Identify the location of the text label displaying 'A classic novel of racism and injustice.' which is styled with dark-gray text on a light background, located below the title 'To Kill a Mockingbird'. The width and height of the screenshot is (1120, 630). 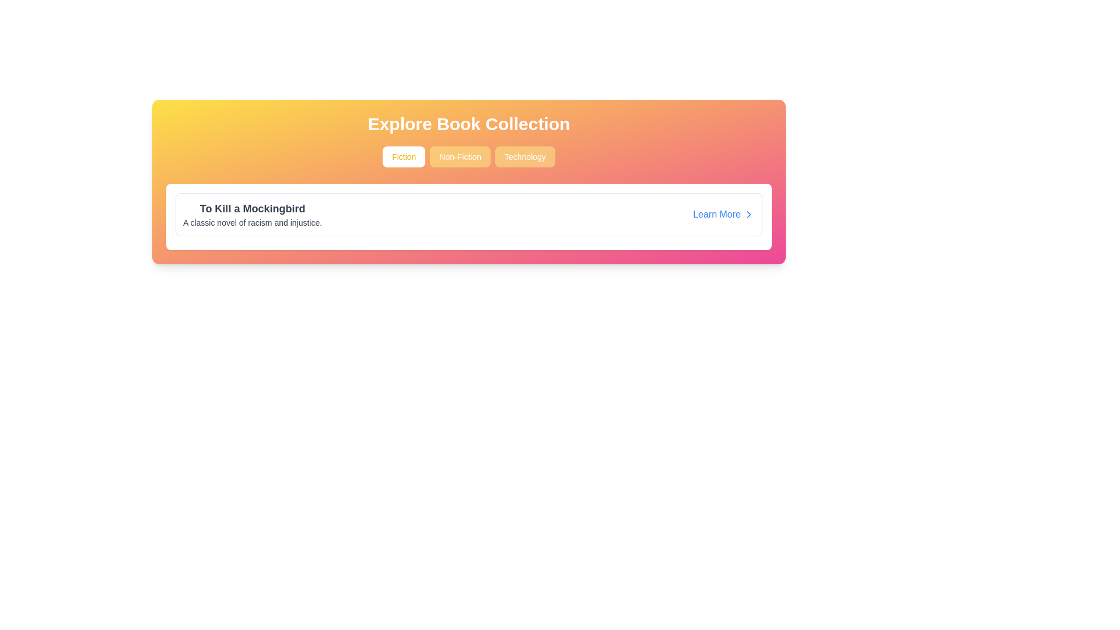
(251, 222).